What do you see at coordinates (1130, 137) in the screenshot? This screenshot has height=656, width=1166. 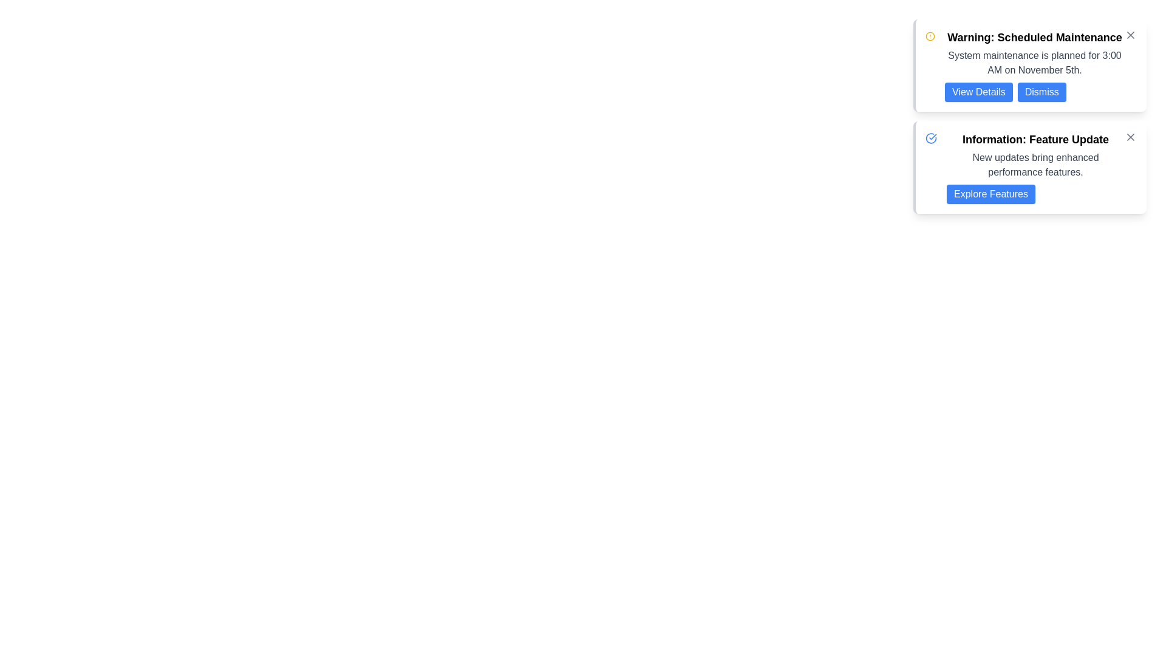 I see `the Close button (icon element) represented by an 'X' in the top-right corner of the 'Information: Feature Update' panel` at bounding box center [1130, 137].